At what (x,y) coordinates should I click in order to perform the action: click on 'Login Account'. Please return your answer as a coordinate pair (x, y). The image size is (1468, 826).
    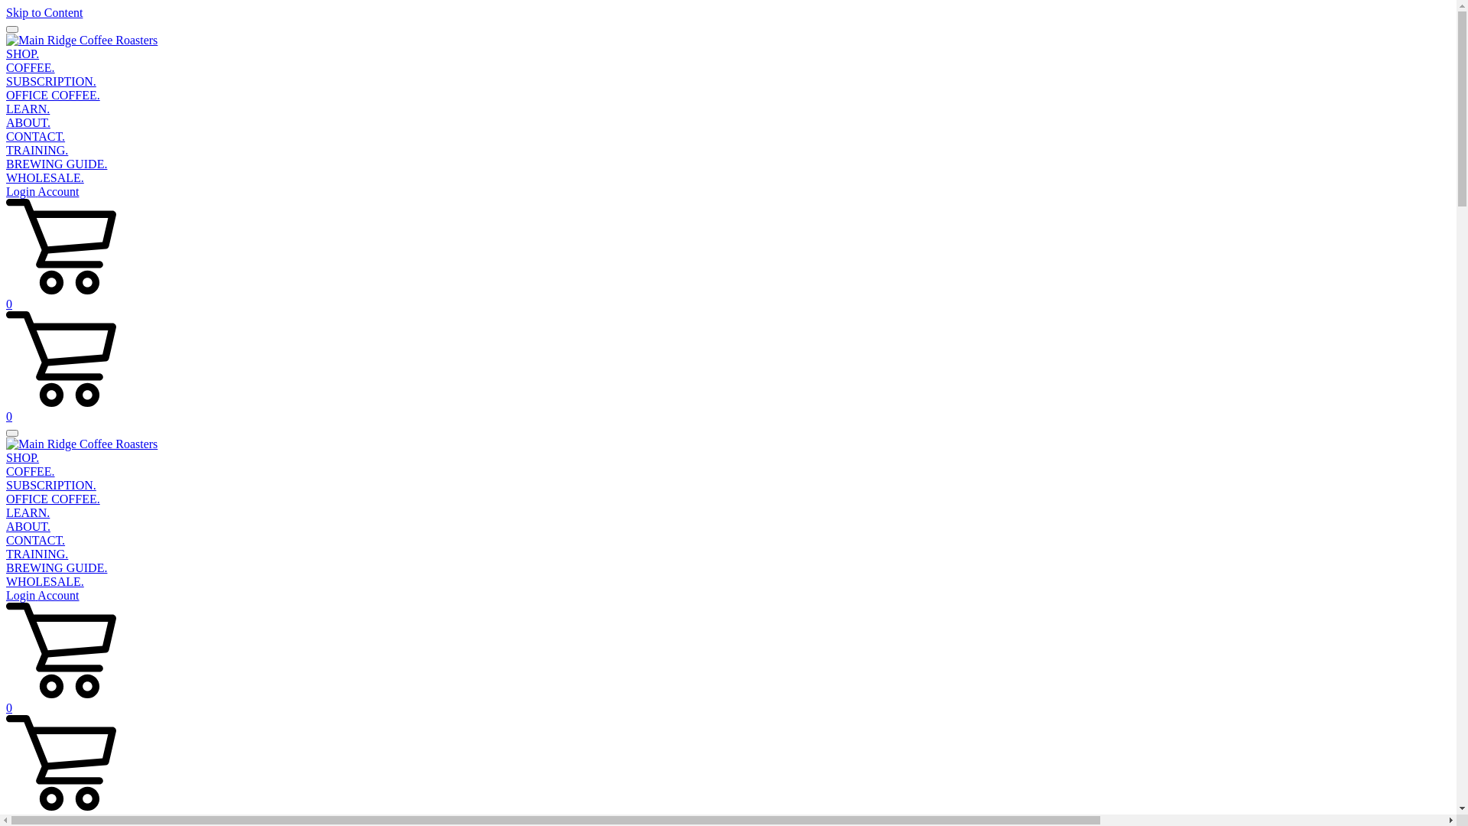
    Looking at the image, I should click on (6, 190).